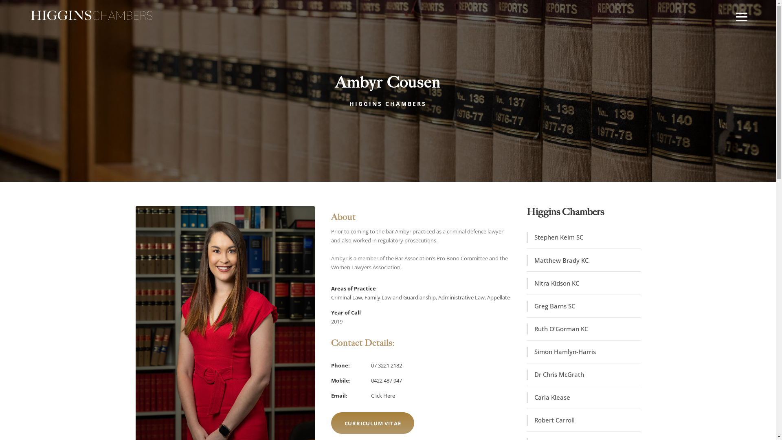  What do you see at coordinates (555, 375) in the screenshot?
I see `'Dr Chris McGrath'` at bounding box center [555, 375].